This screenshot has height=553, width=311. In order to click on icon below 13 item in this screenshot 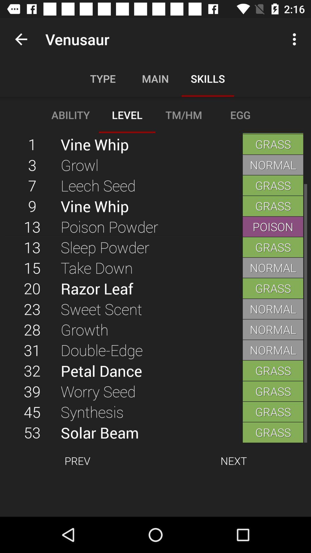, I will do `click(151, 247)`.